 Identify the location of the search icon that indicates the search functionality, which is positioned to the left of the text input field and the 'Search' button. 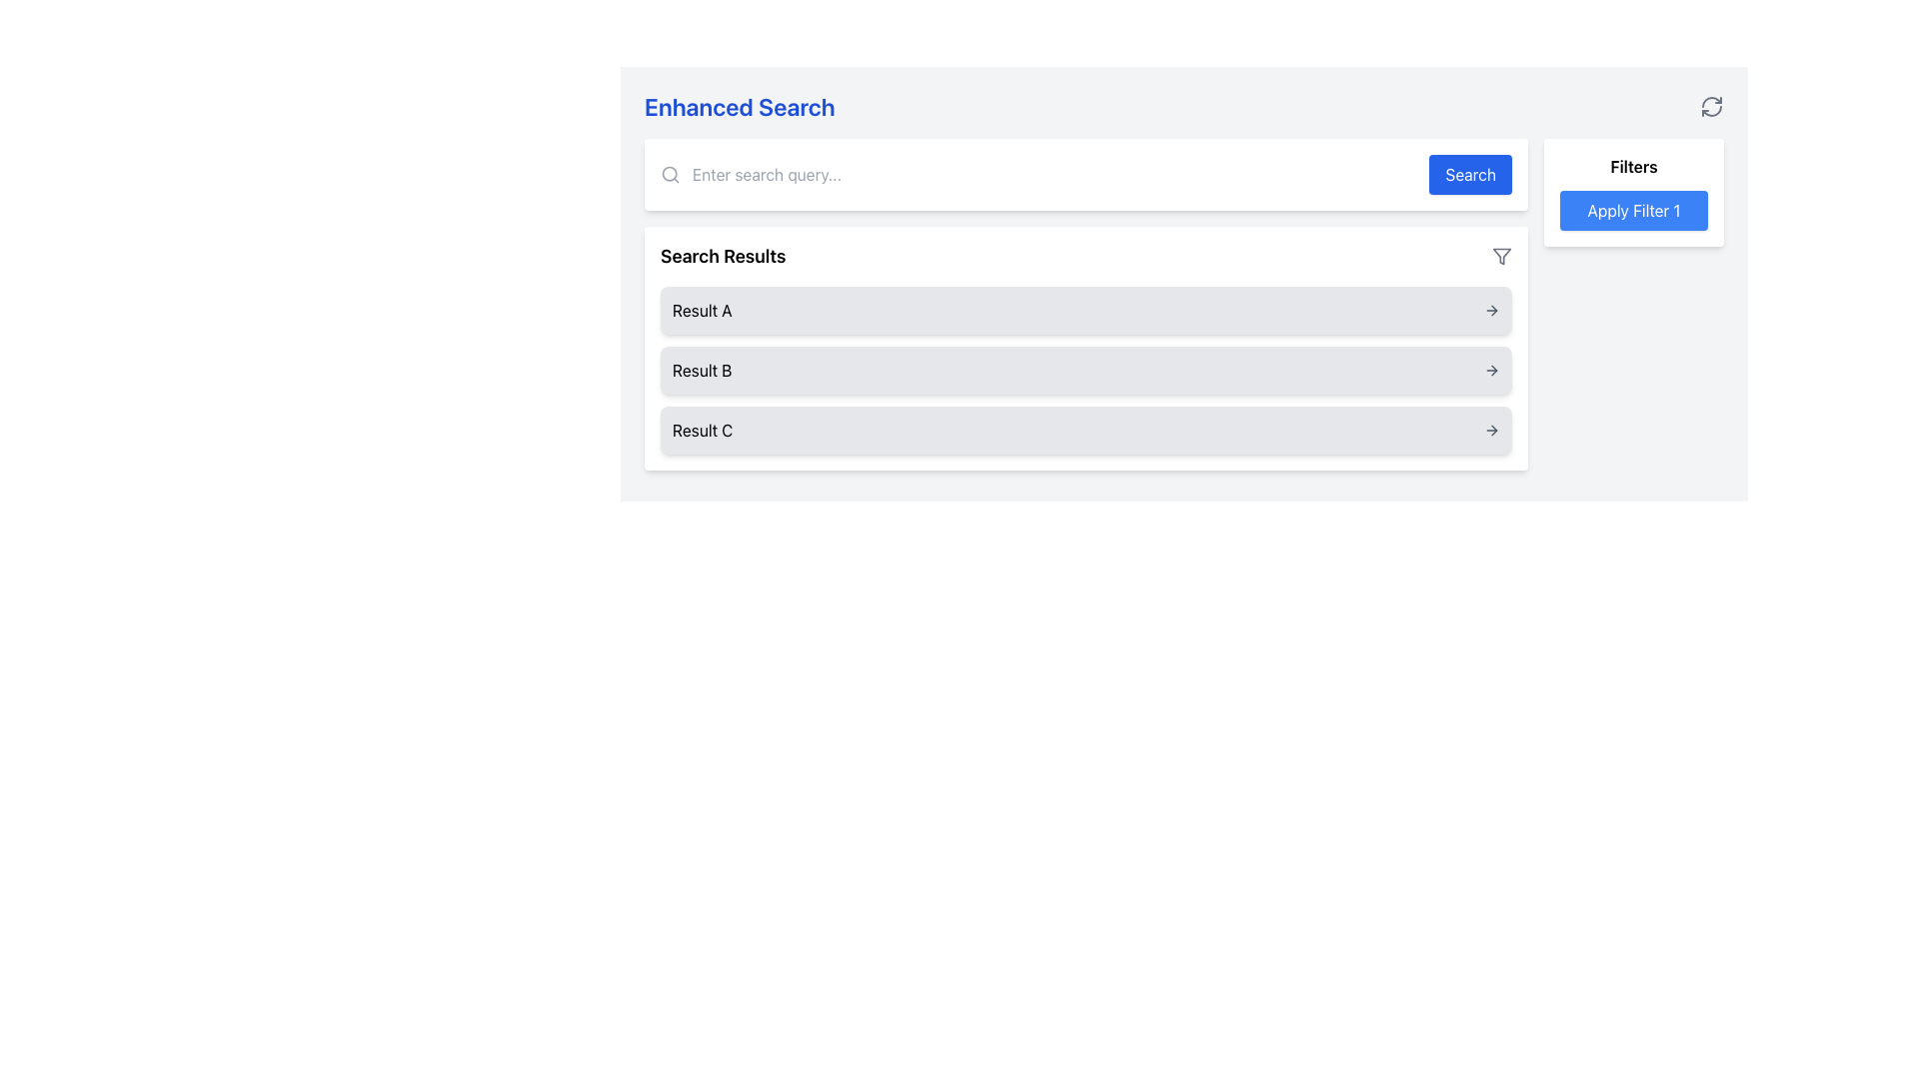
(671, 173).